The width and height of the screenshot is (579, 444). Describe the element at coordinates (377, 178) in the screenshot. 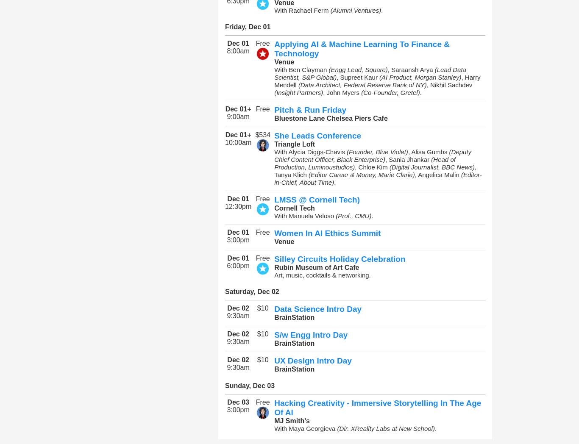

I see `'(Editor-in-Chief, About Time)'` at that location.